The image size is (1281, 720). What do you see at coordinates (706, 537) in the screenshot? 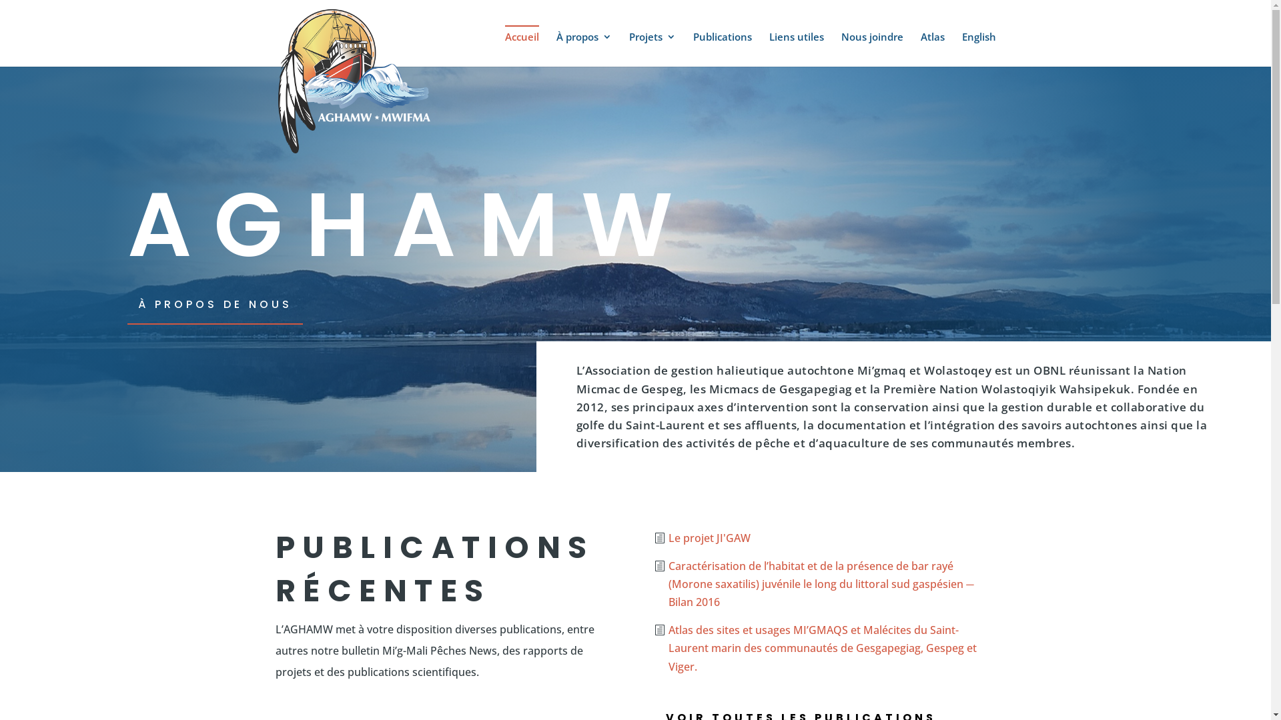
I see `'Le projet JI'GAW'` at bounding box center [706, 537].